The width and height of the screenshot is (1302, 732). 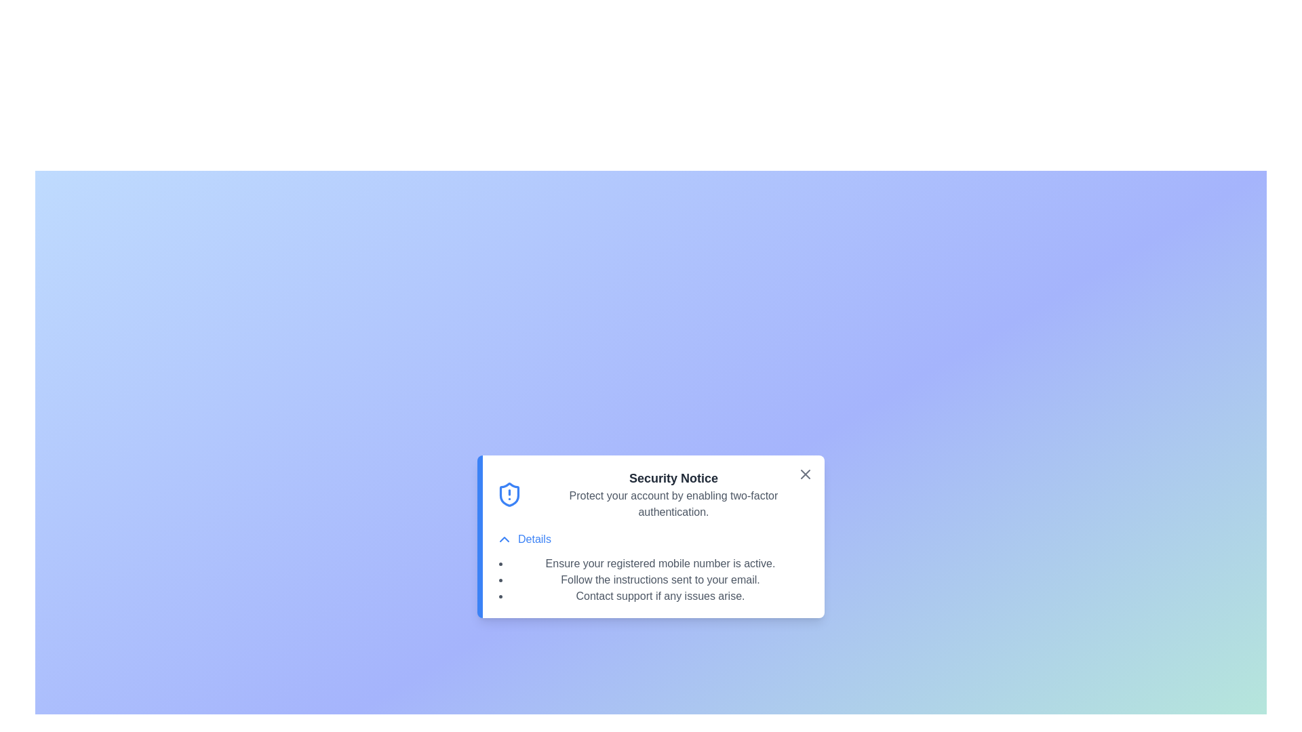 What do you see at coordinates (508, 494) in the screenshot?
I see `the alert icon to understand its meaning` at bounding box center [508, 494].